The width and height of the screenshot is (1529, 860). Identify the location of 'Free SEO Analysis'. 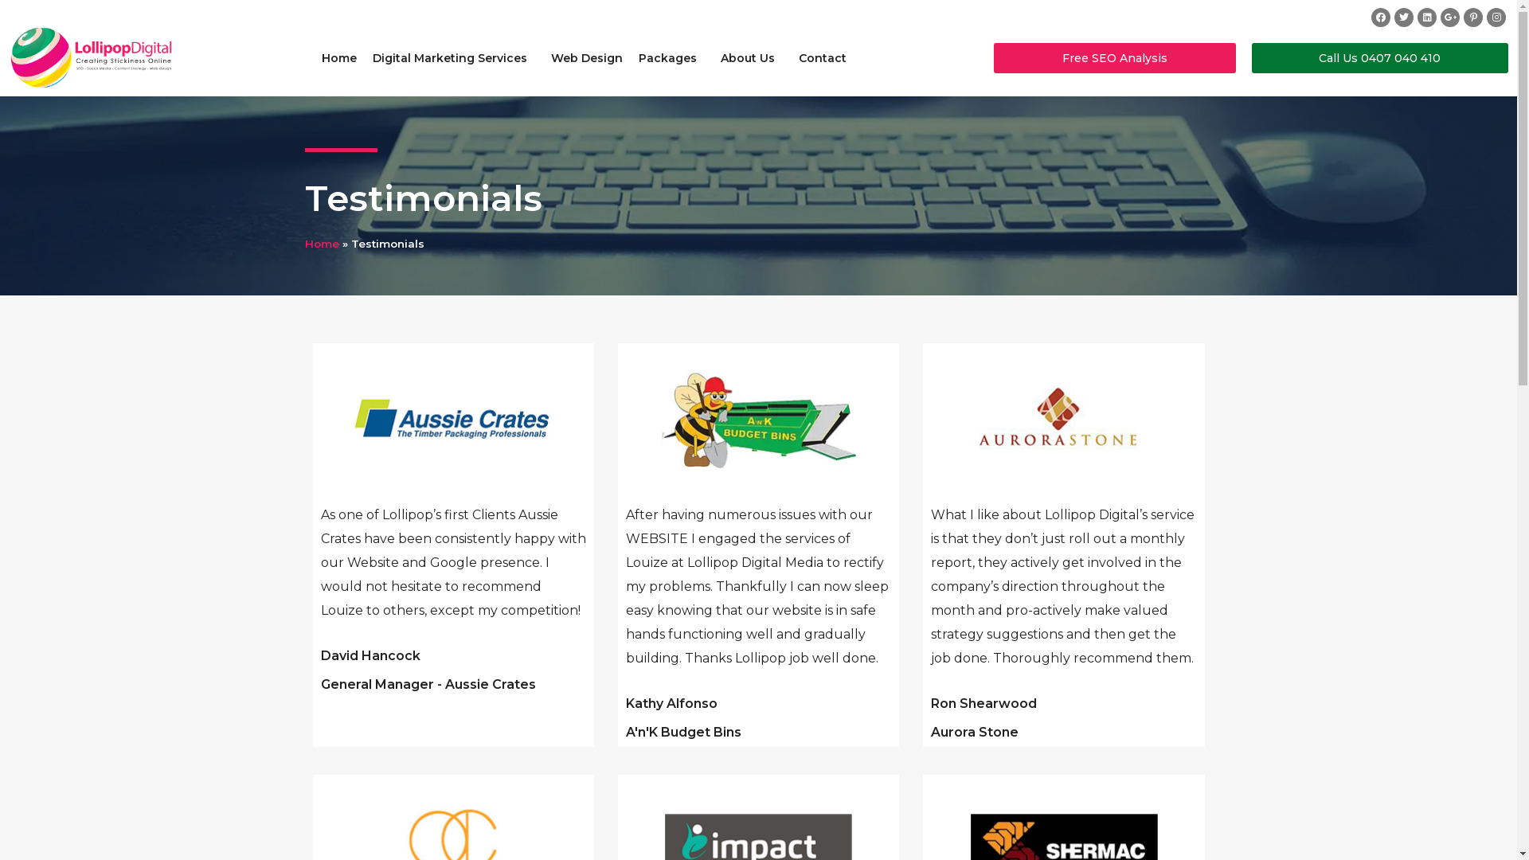
(1114, 57).